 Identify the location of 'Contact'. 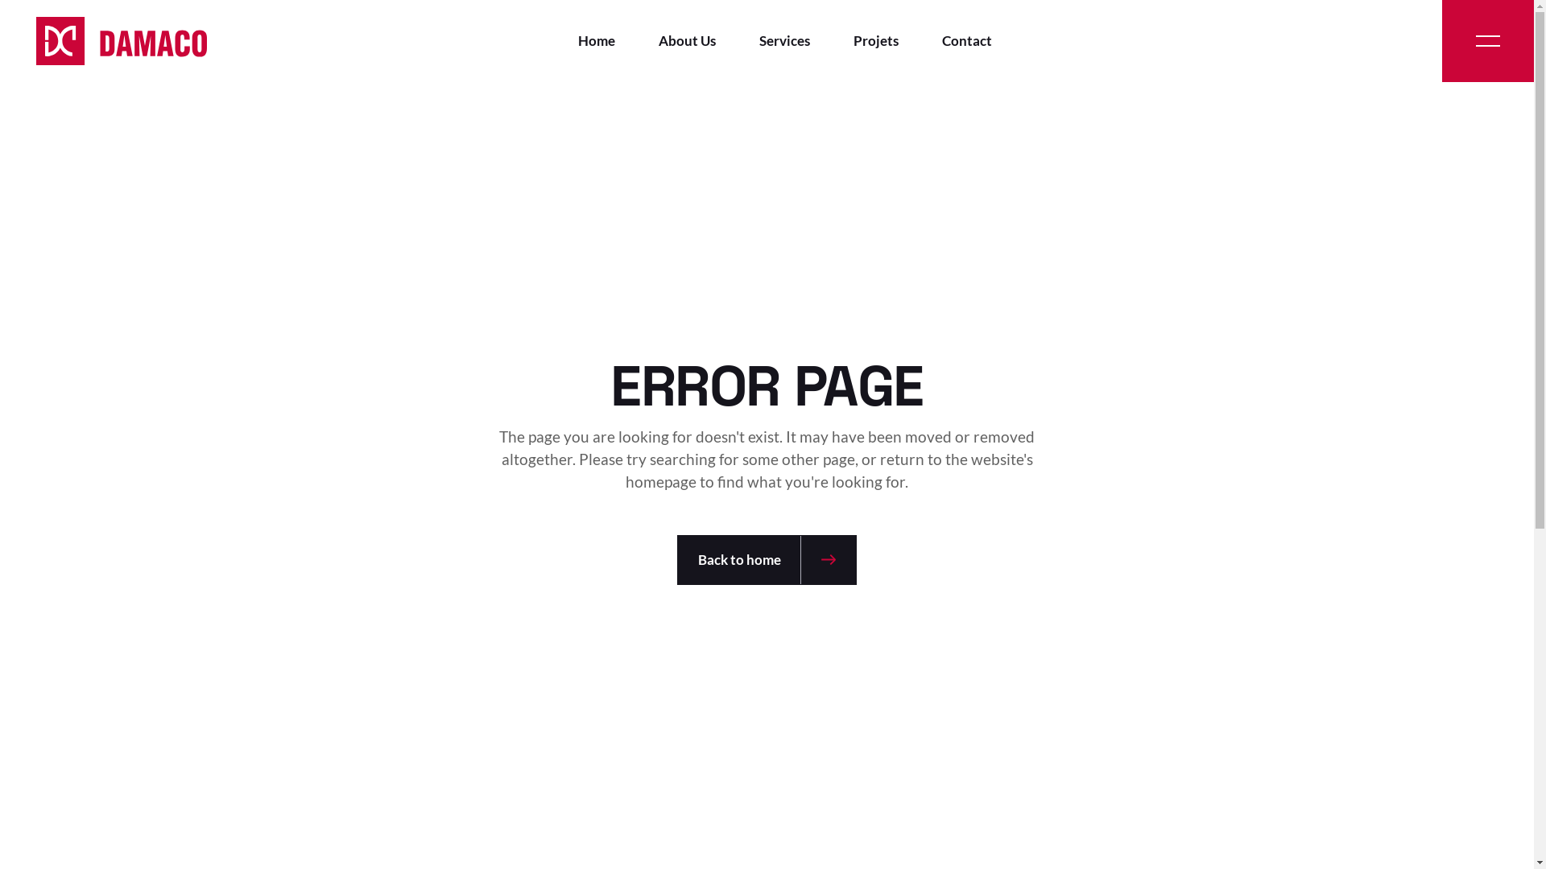
(942, 39).